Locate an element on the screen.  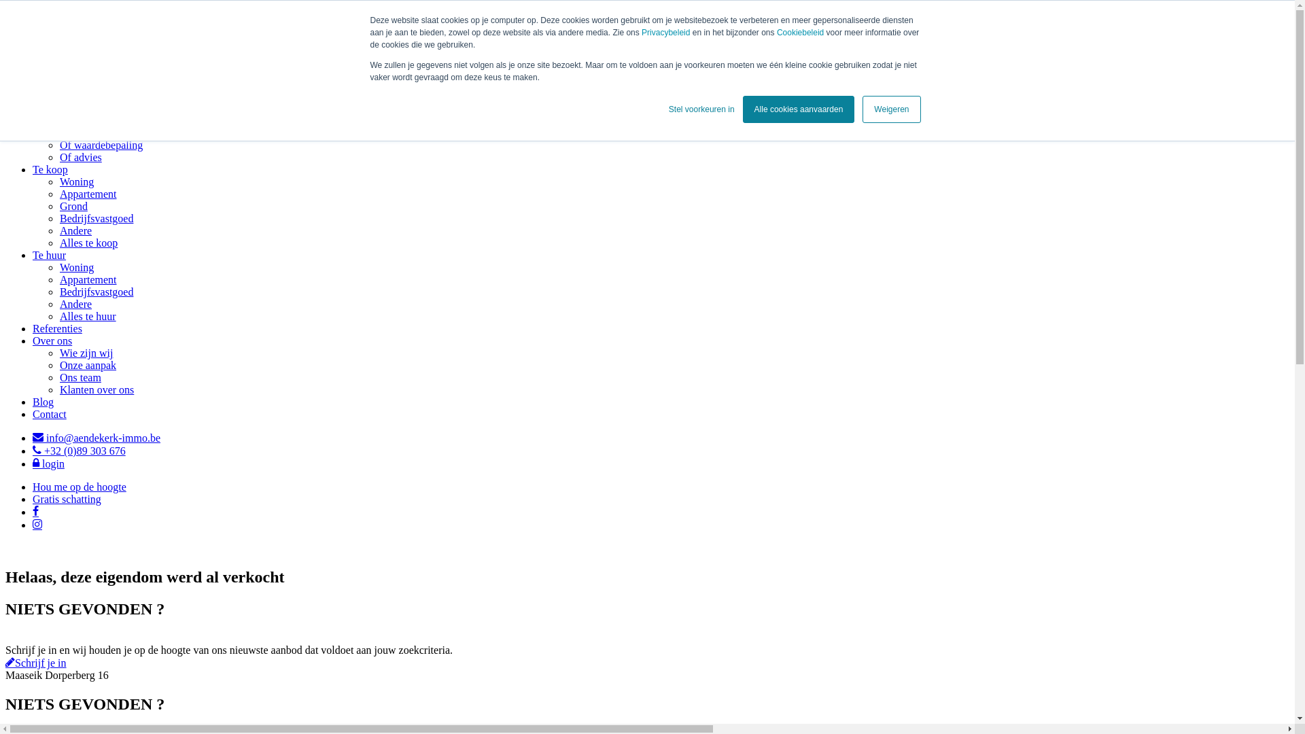
'Te huur' is located at coordinates (49, 255).